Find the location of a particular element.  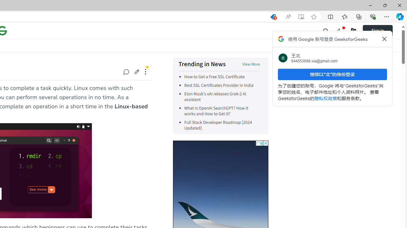

'What is OpenAI SearchGPT? How it works and How to Get it?' is located at coordinates (222, 111).